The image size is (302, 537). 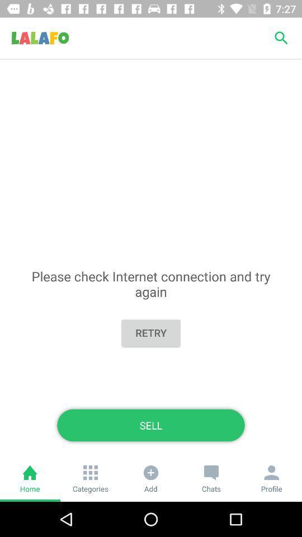 What do you see at coordinates (151, 425) in the screenshot?
I see `item below retry icon` at bounding box center [151, 425].